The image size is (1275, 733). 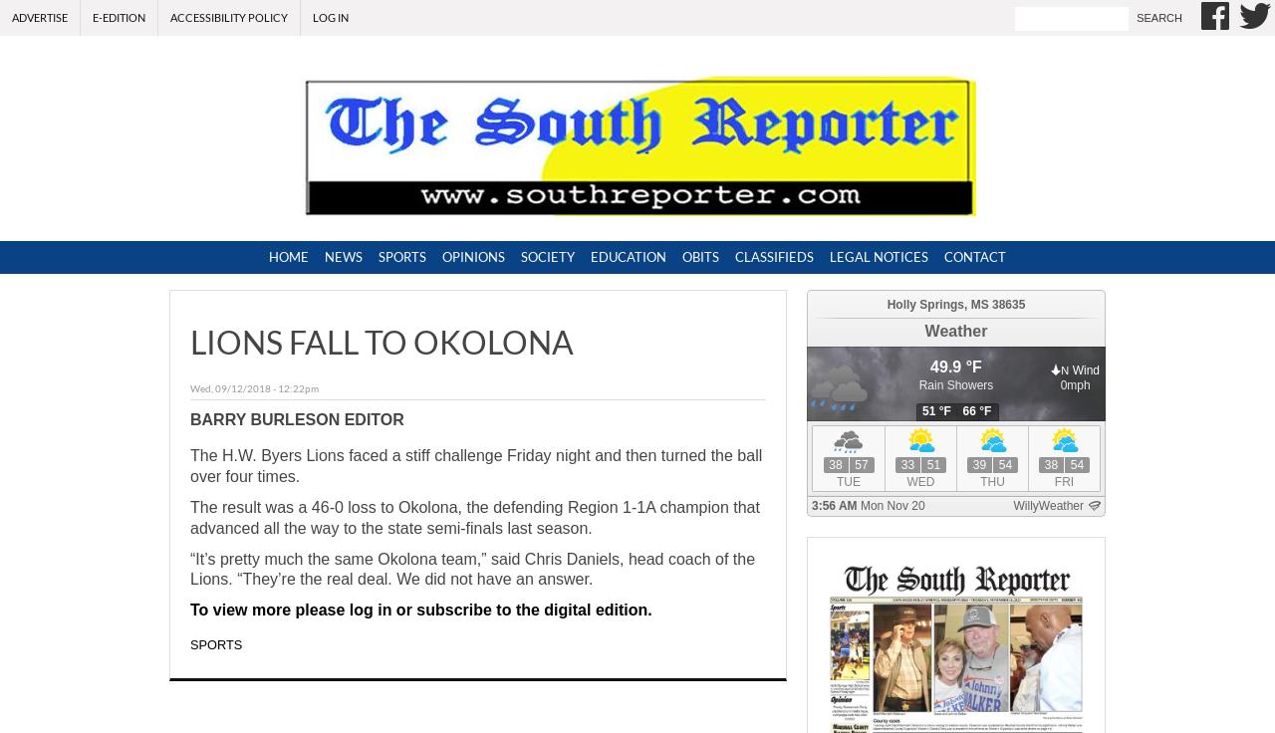 What do you see at coordinates (590, 256) in the screenshot?
I see `'Education'` at bounding box center [590, 256].